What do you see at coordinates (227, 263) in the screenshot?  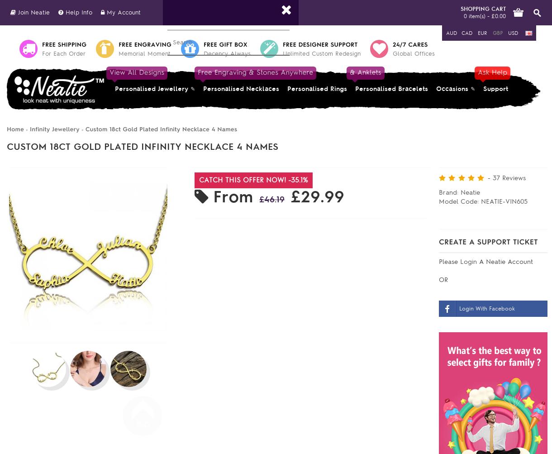 I see `'Available Options'` at bounding box center [227, 263].